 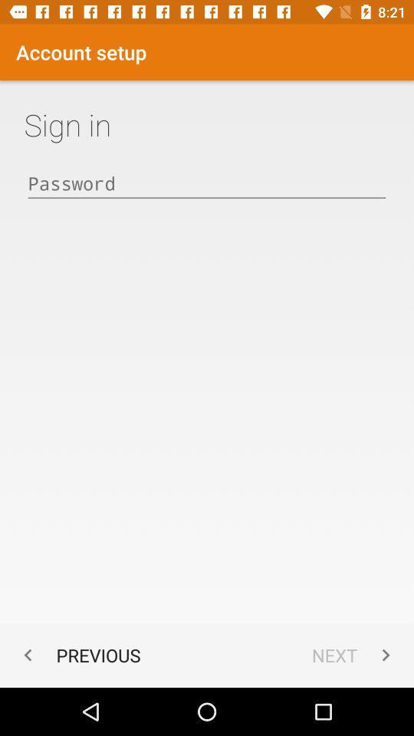 What do you see at coordinates (78, 654) in the screenshot?
I see `previous` at bounding box center [78, 654].